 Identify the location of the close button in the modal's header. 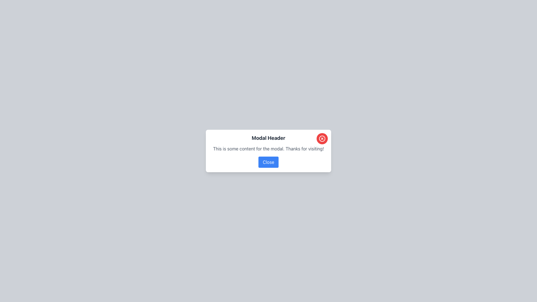
(322, 138).